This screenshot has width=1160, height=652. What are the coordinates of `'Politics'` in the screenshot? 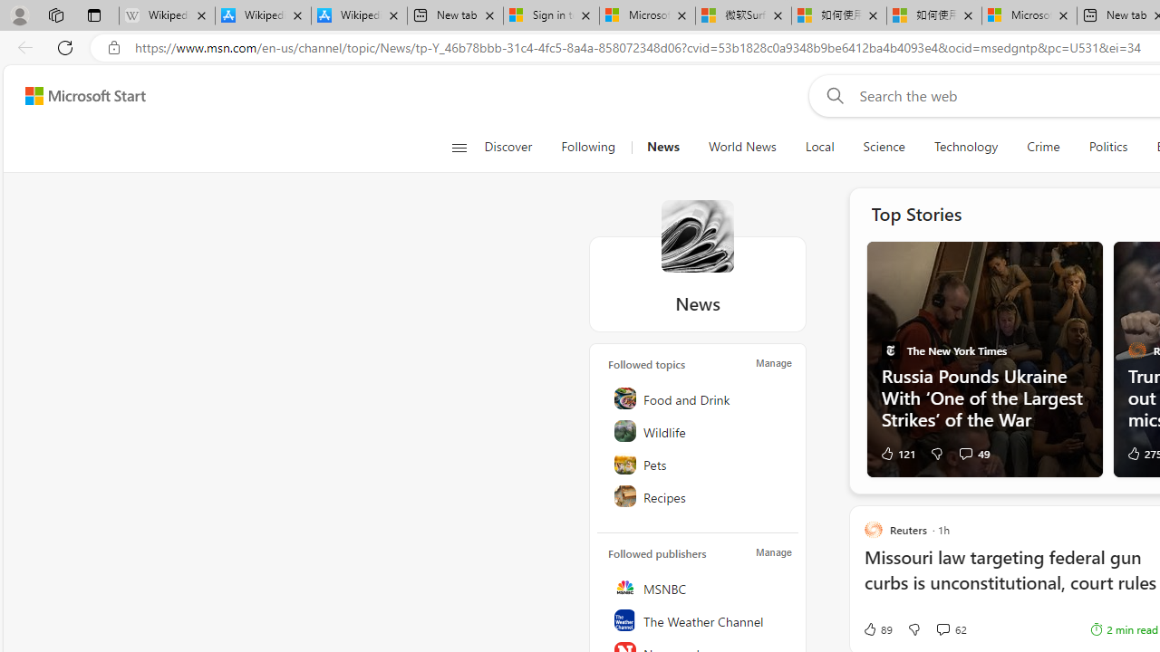 It's located at (1107, 147).